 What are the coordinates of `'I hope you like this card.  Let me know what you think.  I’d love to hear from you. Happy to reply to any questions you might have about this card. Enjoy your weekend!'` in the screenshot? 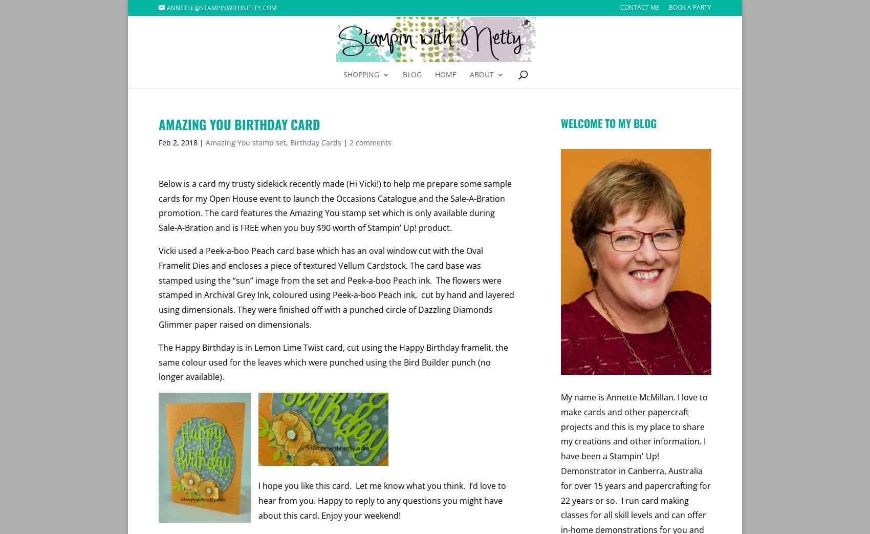 It's located at (381, 500).